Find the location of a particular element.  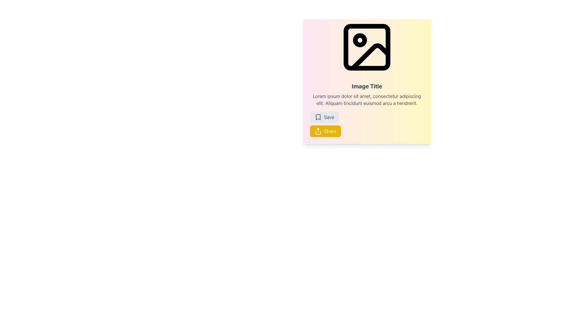

the SVG rectangle element that serves as the background design layer within the icon in the header of a card component is located at coordinates (367, 47).